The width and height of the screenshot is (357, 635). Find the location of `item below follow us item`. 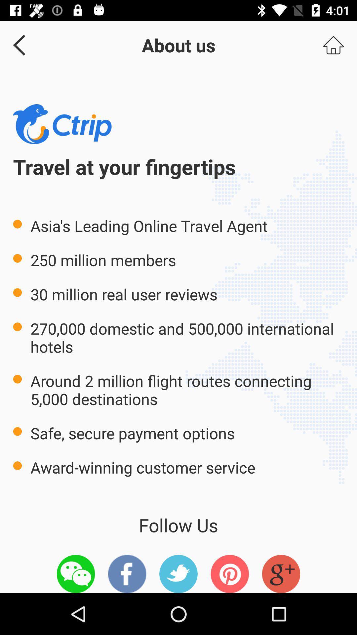

item below follow us item is located at coordinates (127, 573).